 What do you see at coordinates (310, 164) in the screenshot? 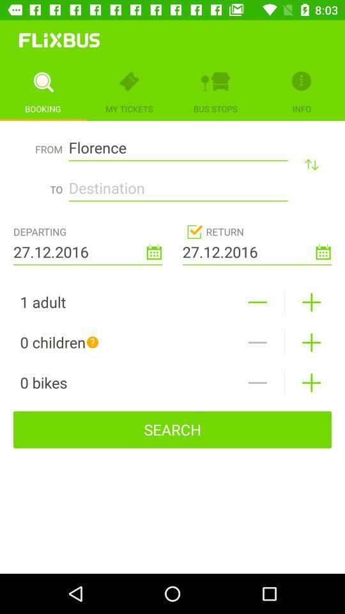
I see `switch origin and destination` at bounding box center [310, 164].